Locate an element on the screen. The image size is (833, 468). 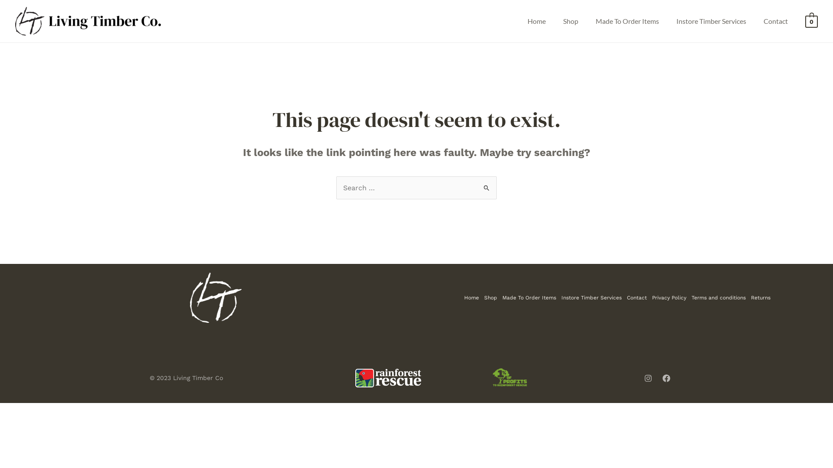
'Instore Timber Services' is located at coordinates (558, 297).